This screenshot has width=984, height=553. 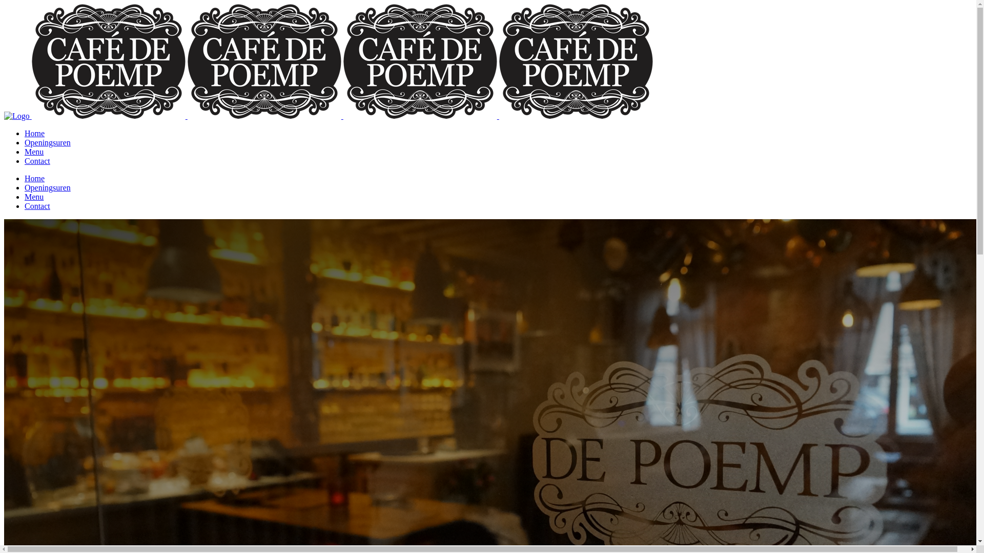 I want to click on 'Openingsuren', so click(x=47, y=187).